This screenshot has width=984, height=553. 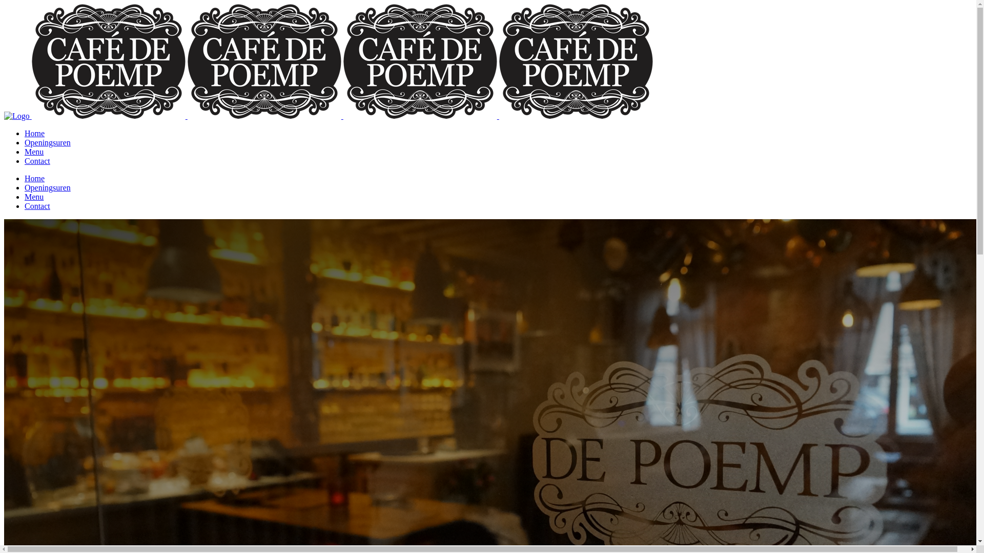 I want to click on 'Openingsuren', so click(x=47, y=187).